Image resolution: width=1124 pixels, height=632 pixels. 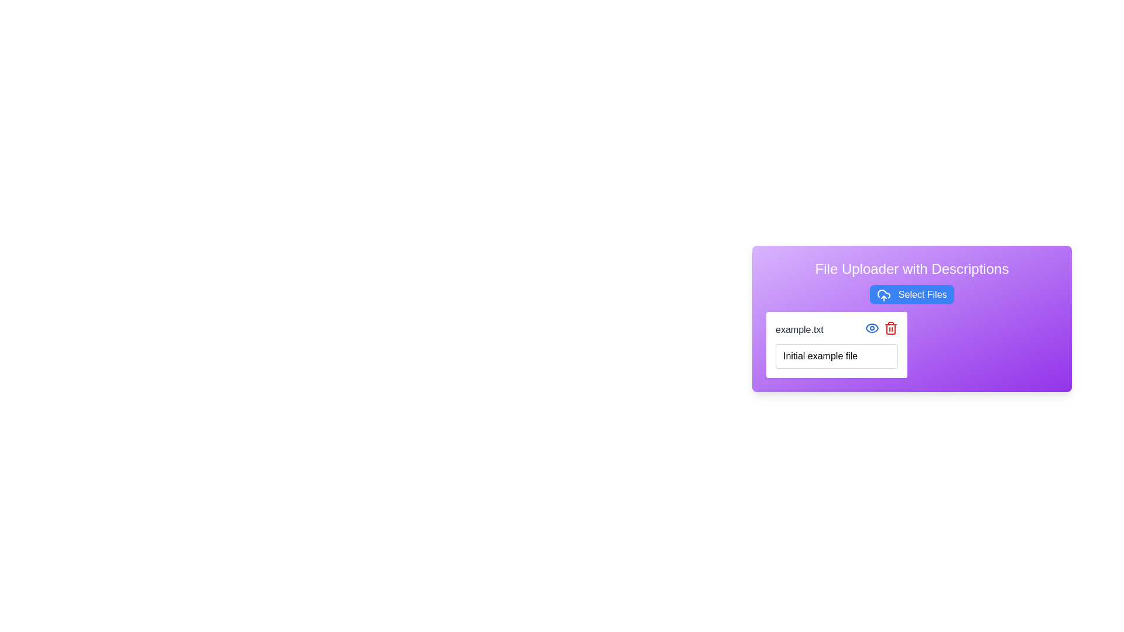 I want to click on the eye-shaped icon with a blue outline, which is the leftmost icon in the group of interactive elements on the file card for 'example.txt', so click(x=872, y=327).